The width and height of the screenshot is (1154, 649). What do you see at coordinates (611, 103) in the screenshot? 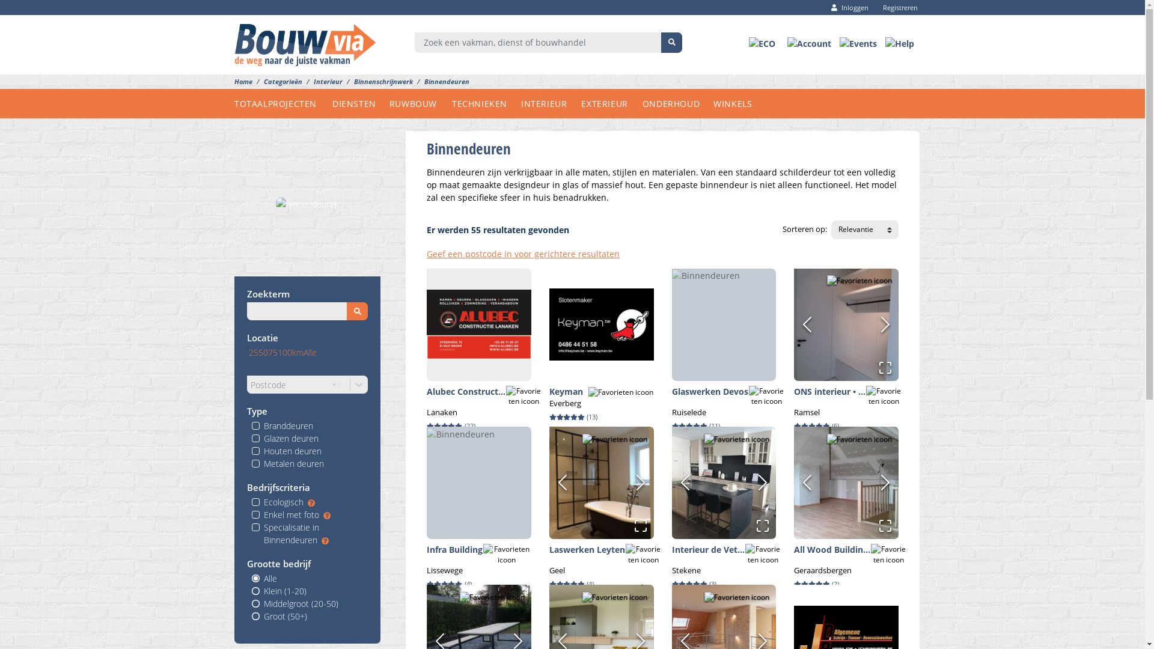
I see `'EXTERIEUR'` at bounding box center [611, 103].